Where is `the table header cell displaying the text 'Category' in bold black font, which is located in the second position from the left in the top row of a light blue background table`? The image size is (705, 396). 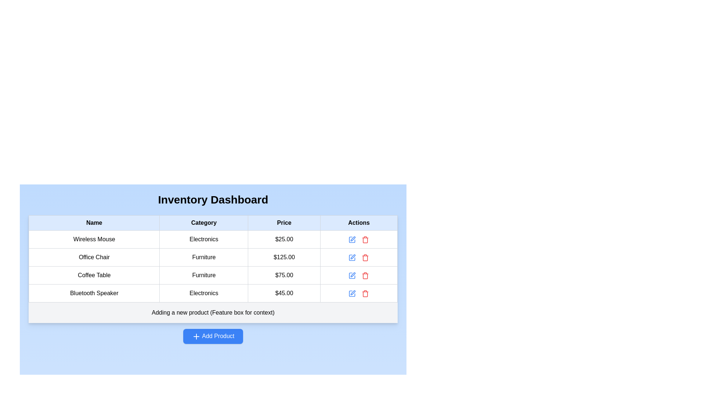 the table header cell displaying the text 'Category' in bold black font, which is located in the second position from the left in the top row of a light blue background table is located at coordinates (204, 223).